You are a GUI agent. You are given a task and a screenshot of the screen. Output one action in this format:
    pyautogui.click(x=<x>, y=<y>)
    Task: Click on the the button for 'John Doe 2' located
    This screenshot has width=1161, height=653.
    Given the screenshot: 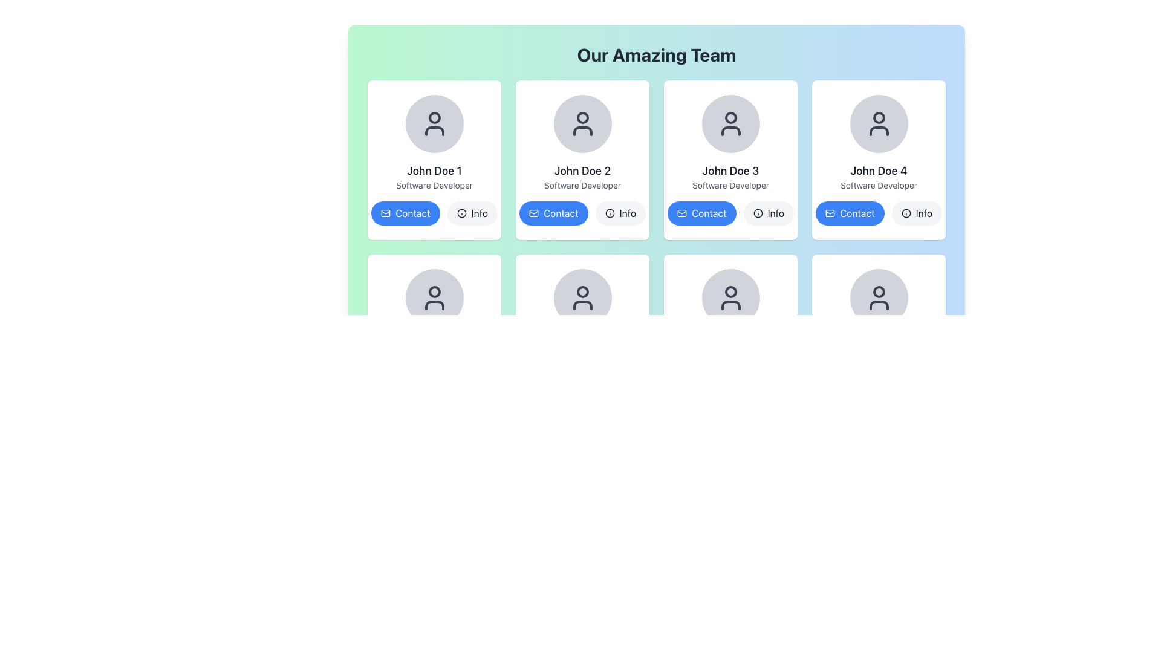 What is the action you would take?
    pyautogui.click(x=620, y=213)
    